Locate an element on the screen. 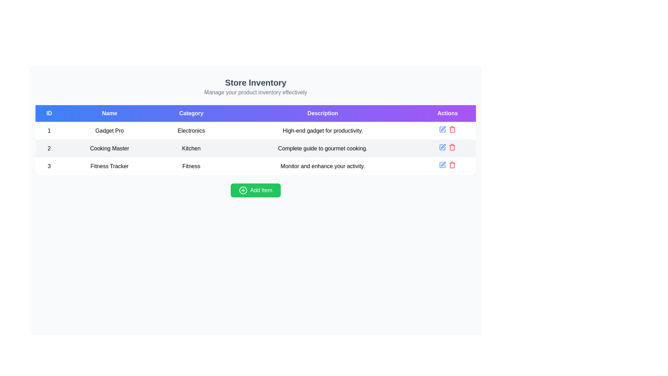  the Text element that displays descriptive information about the corresponding item in the 'Fitness Tracker' row of the table, located in the third row under the 'Description' column is located at coordinates (322, 166).